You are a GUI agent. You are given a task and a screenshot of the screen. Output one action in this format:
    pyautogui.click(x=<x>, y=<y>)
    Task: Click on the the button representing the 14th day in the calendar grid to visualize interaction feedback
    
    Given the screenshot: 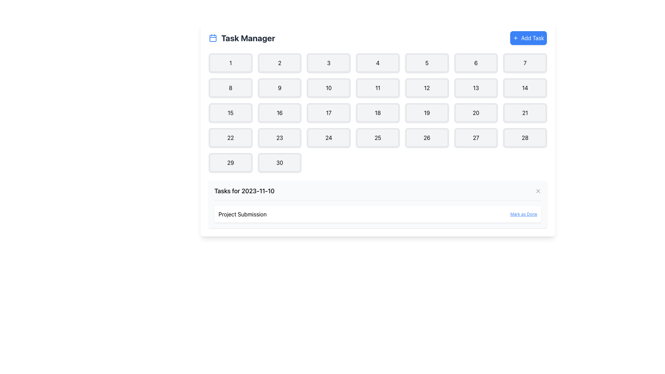 What is the action you would take?
    pyautogui.click(x=525, y=88)
    